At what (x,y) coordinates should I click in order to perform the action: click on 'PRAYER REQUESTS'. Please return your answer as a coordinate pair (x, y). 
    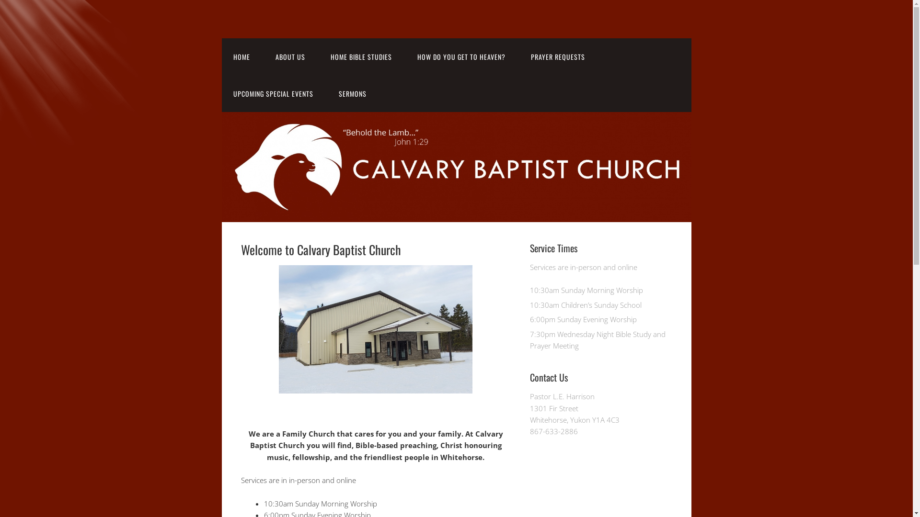
    Looking at the image, I should click on (558, 56).